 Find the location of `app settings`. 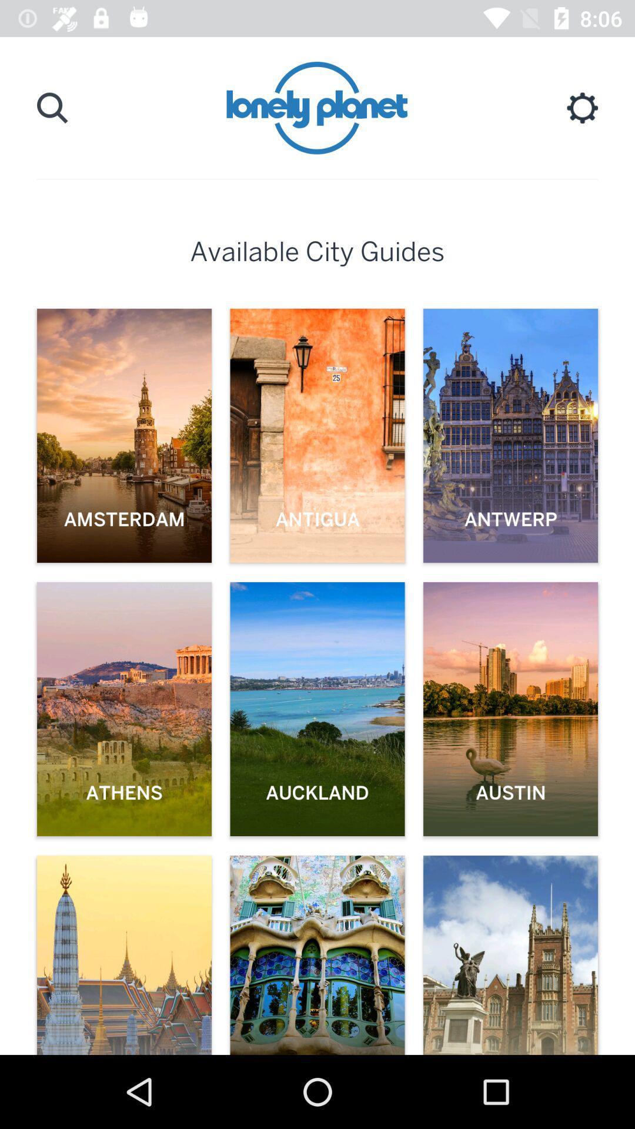

app settings is located at coordinates (582, 108).